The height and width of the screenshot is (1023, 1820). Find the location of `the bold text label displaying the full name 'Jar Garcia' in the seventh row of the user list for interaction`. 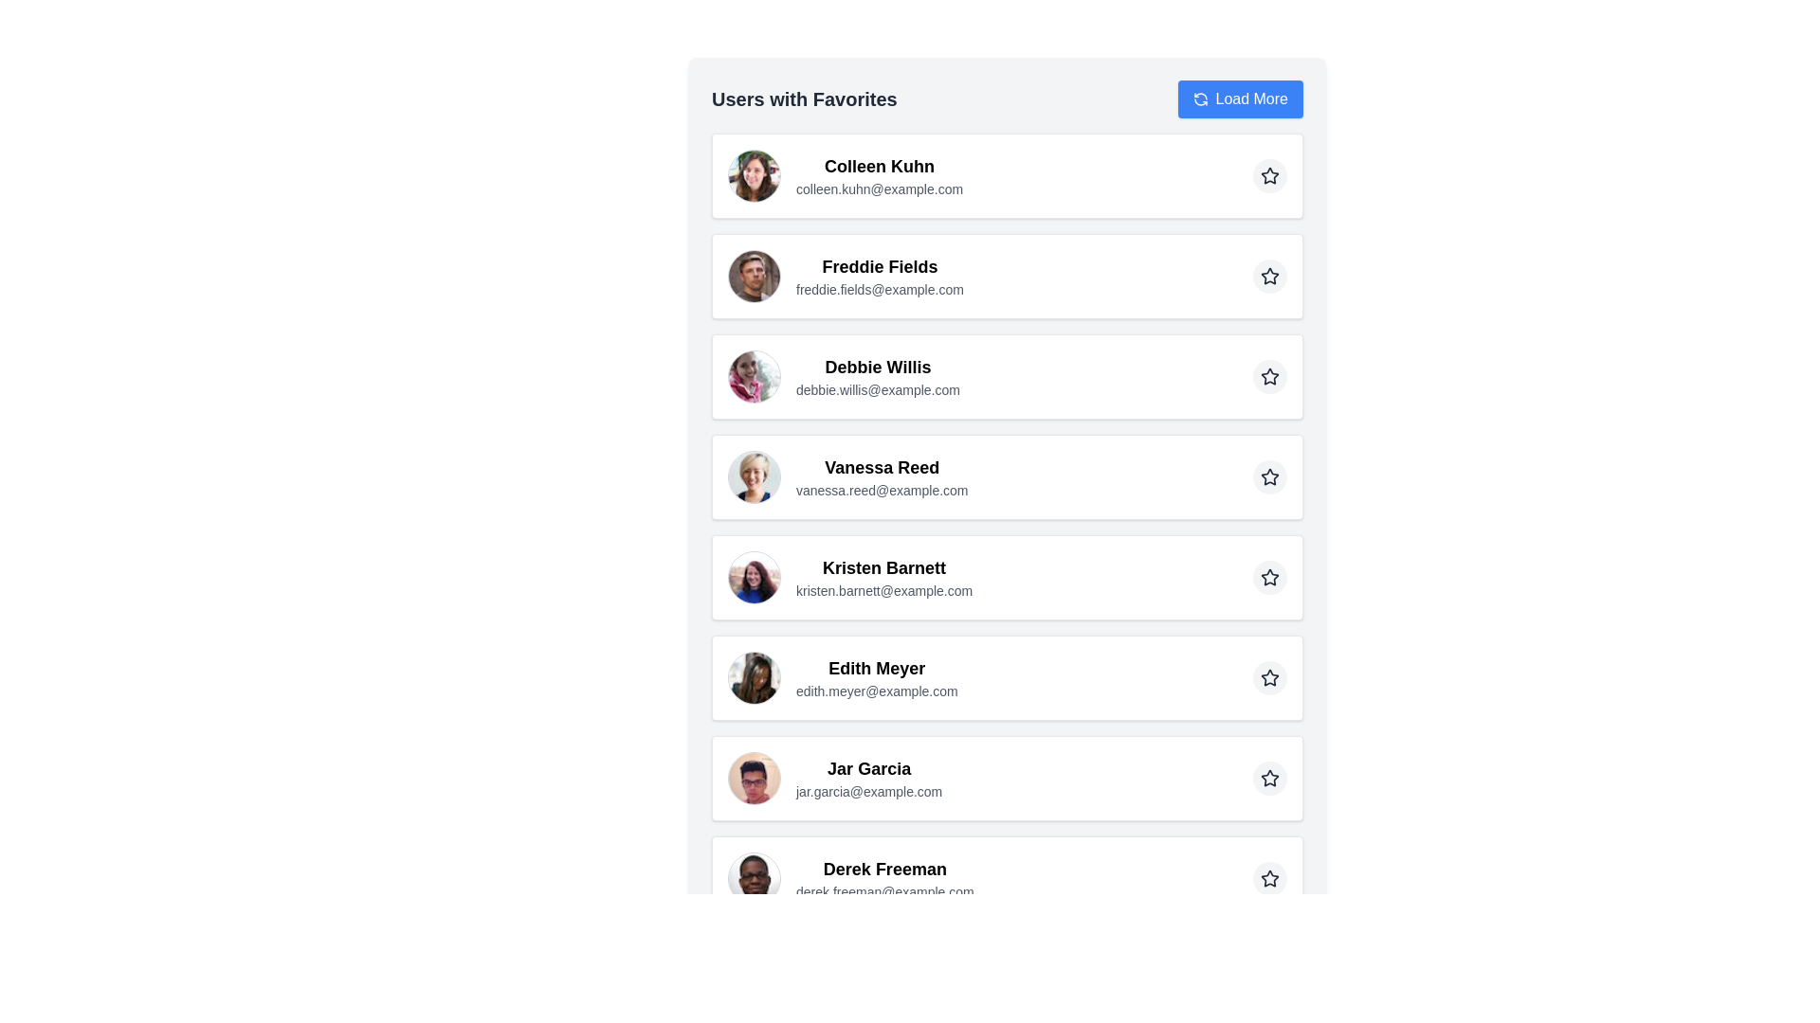

the bold text label displaying the full name 'Jar Garcia' in the seventh row of the user list for interaction is located at coordinates (867, 769).